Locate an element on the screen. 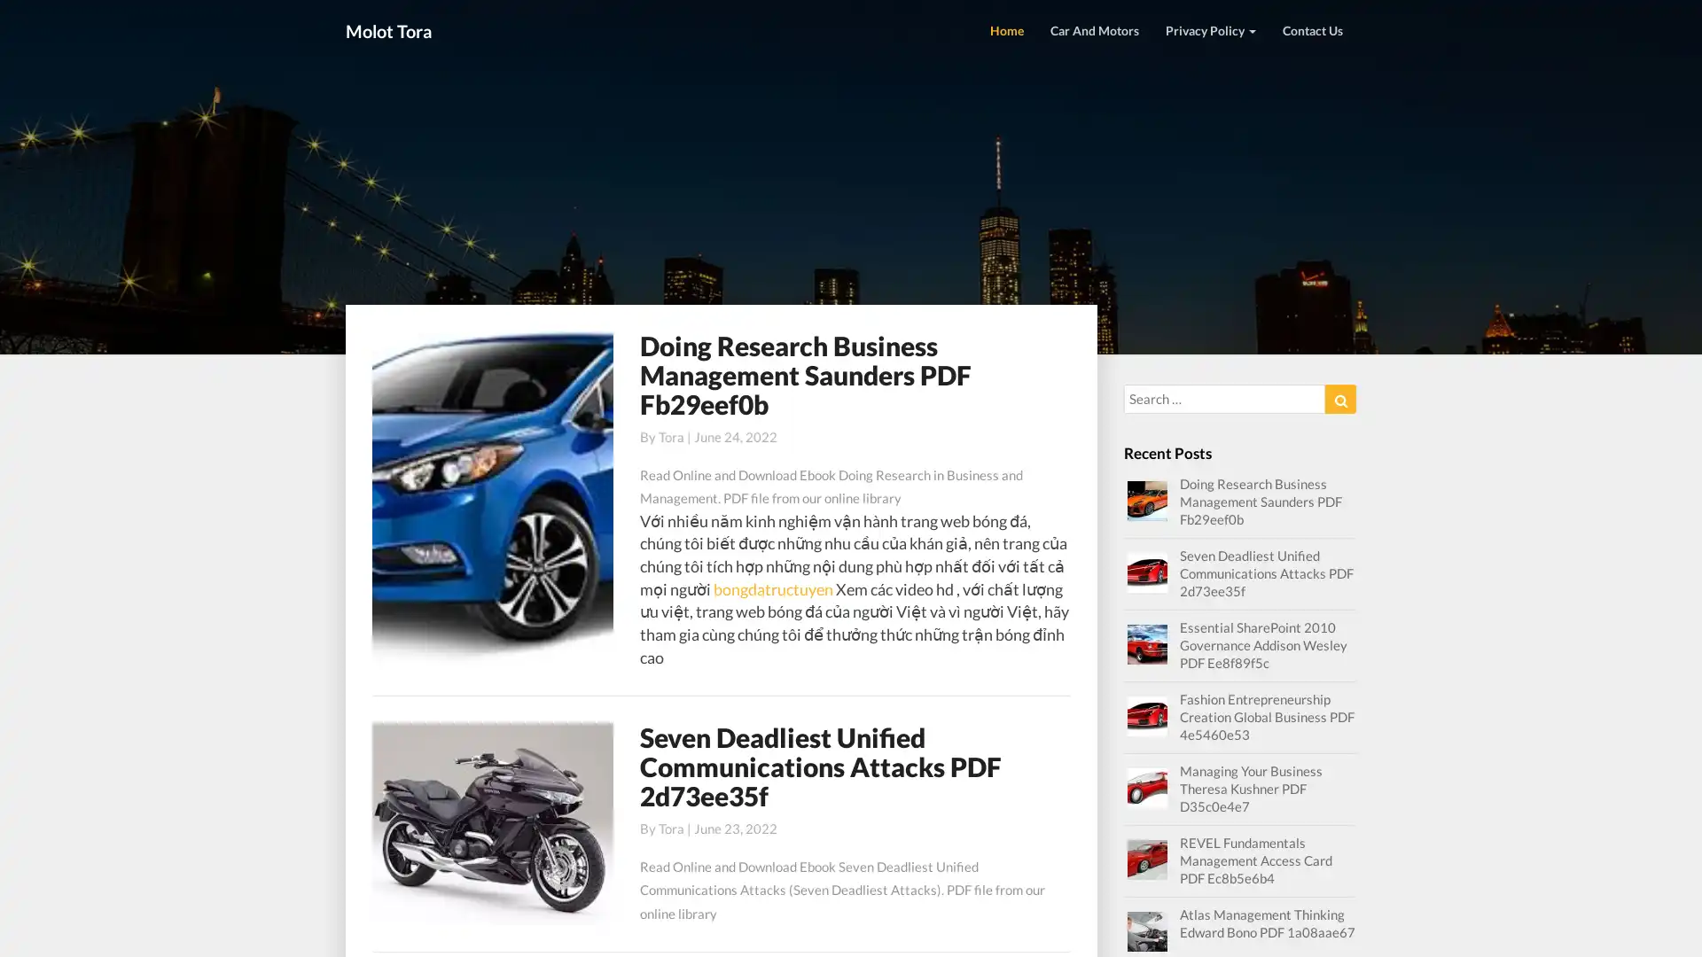 The height and width of the screenshot is (957, 1702). Search is located at coordinates (1340, 399).